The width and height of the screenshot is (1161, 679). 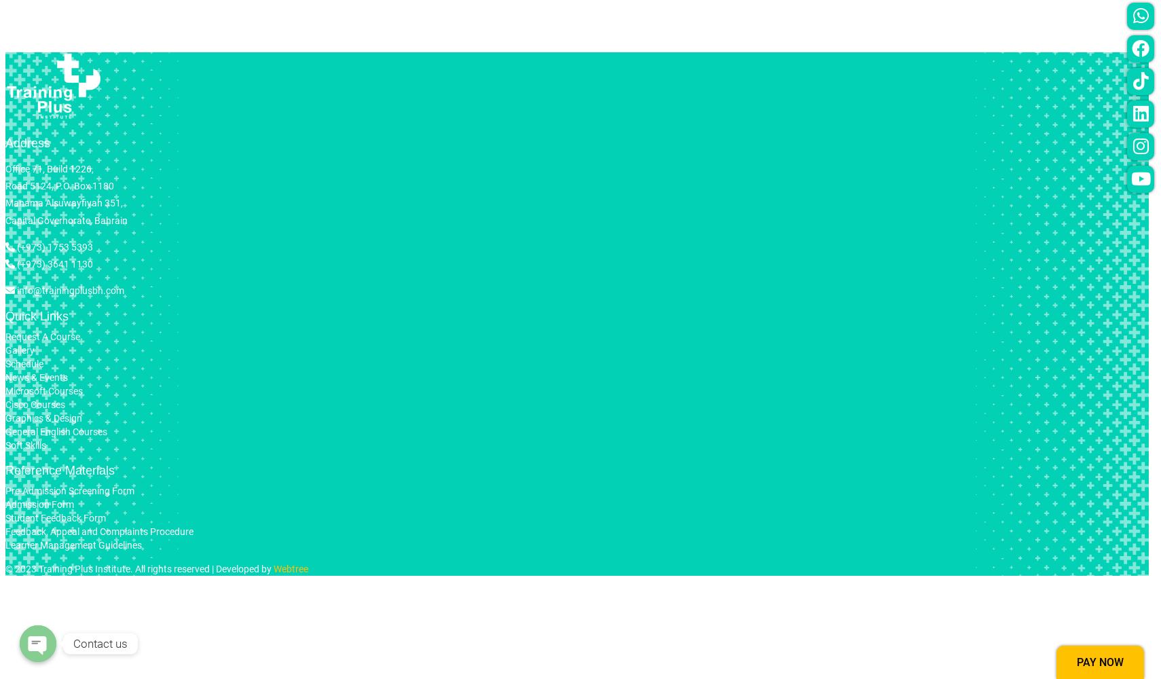 What do you see at coordinates (36, 316) in the screenshot?
I see `'Quick Links'` at bounding box center [36, 316].